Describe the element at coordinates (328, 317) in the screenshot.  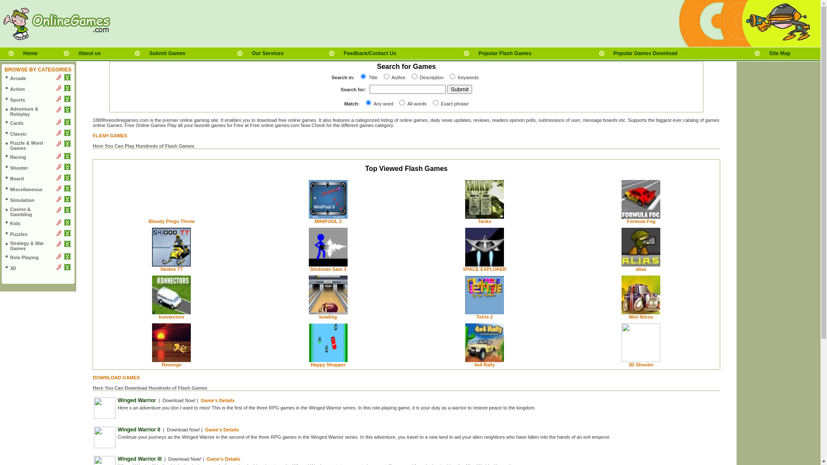
I see `'bowling'` at that location.